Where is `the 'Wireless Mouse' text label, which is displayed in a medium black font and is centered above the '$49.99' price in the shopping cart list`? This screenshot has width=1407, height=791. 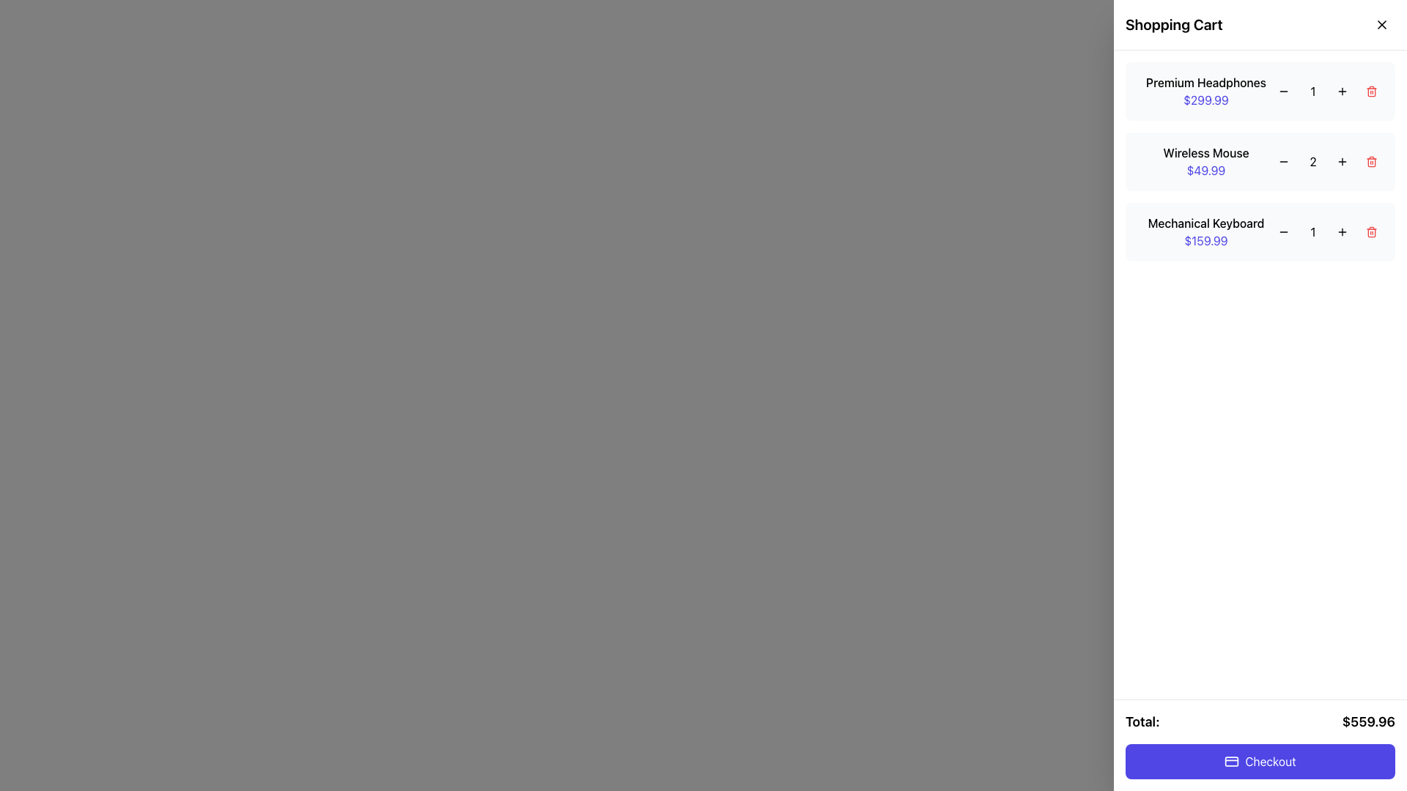 the 'Wireless Mouse' text label, which is displayed in a medium black font and is centered above the '$49.99' price in the shopping cart list is located at coordinates (1206, 152).